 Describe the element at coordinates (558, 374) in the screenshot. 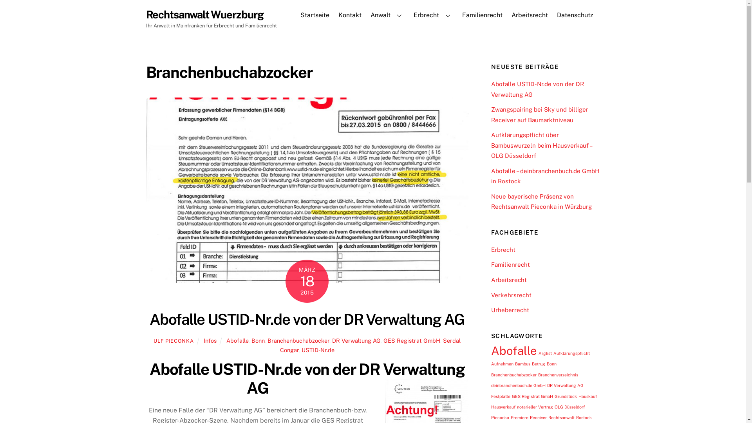

I see `'Branchenverzeichnis'` at that location.